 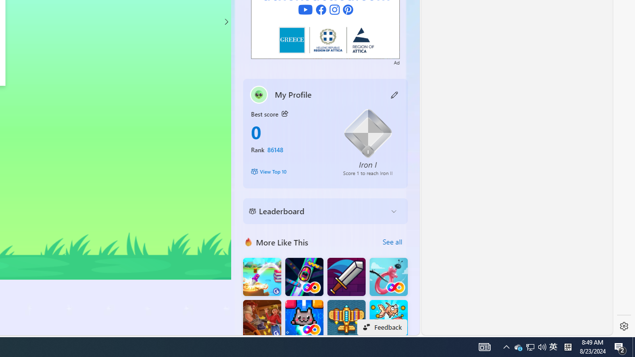 What do you see at coordinates (394, 94) in the screenshot?
I see `'Class: button edit-icon'` at bounding box center [394, 94].